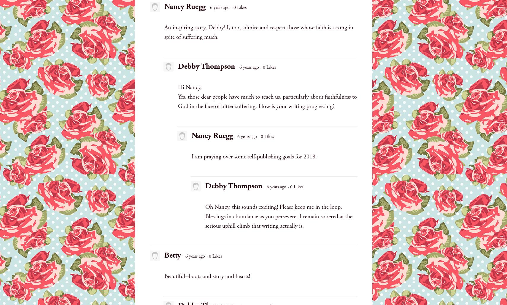 The image size is (507, 305). What do you see at coordinates (206, 276) in the screenshot?
I see `'Beautiful--boots and story and hearts!'` at bounding box center [206, 276].